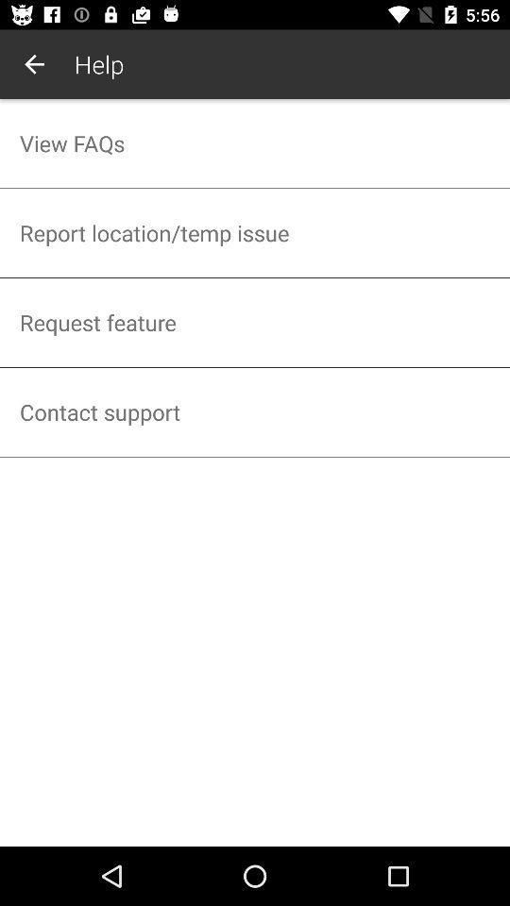  I want to click on the contact support, so click(255, 411).